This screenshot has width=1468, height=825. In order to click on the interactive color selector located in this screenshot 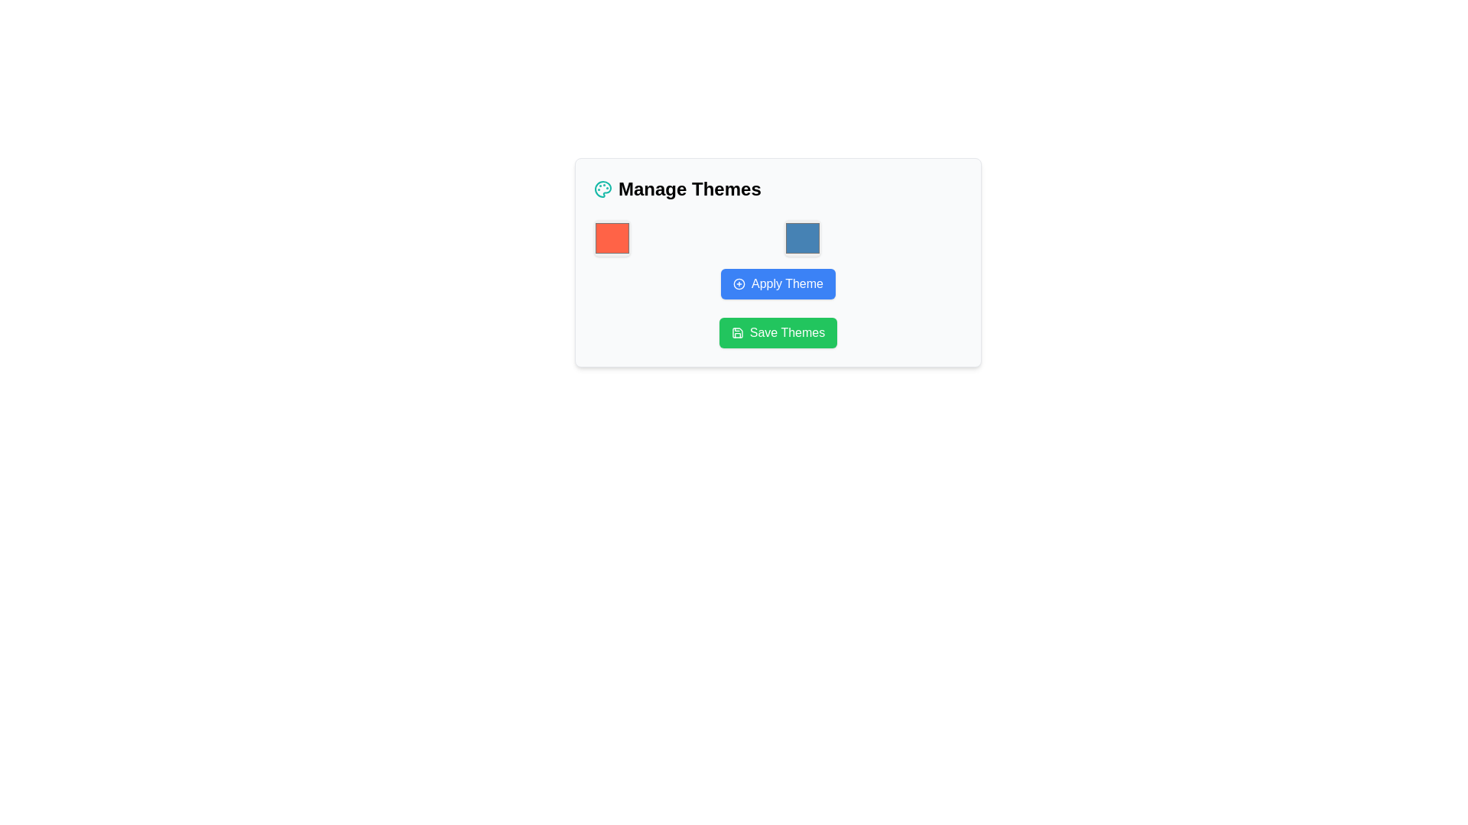, I will do `click(802, 238)`.